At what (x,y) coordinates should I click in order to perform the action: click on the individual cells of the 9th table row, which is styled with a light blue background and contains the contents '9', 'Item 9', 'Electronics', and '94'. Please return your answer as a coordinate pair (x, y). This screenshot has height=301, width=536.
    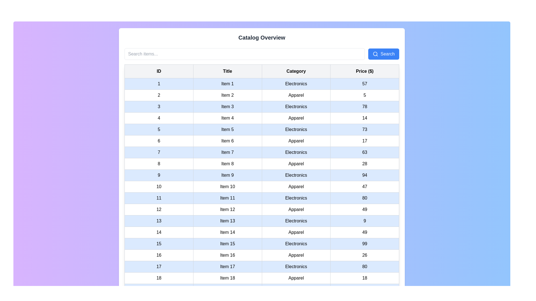
    Looking at the image, I should click on (261, 175).